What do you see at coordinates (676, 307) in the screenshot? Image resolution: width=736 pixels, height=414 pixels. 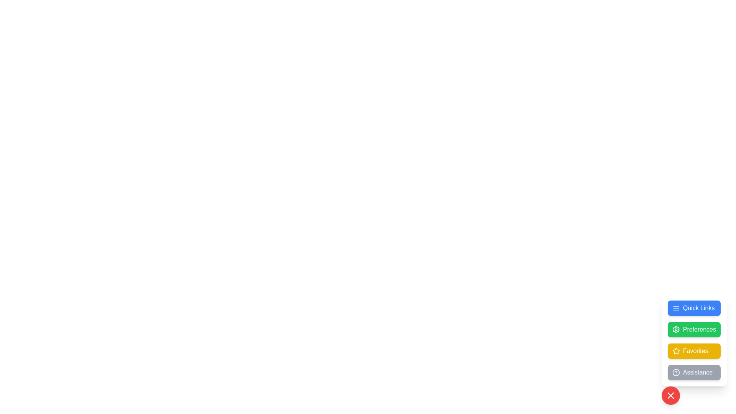 I see `the menu icon located to the left of the 'Quick Links' text inside the blue button at the top of the vertical stack of buttons on the right side of the interface` at bounding box center [676, 307].